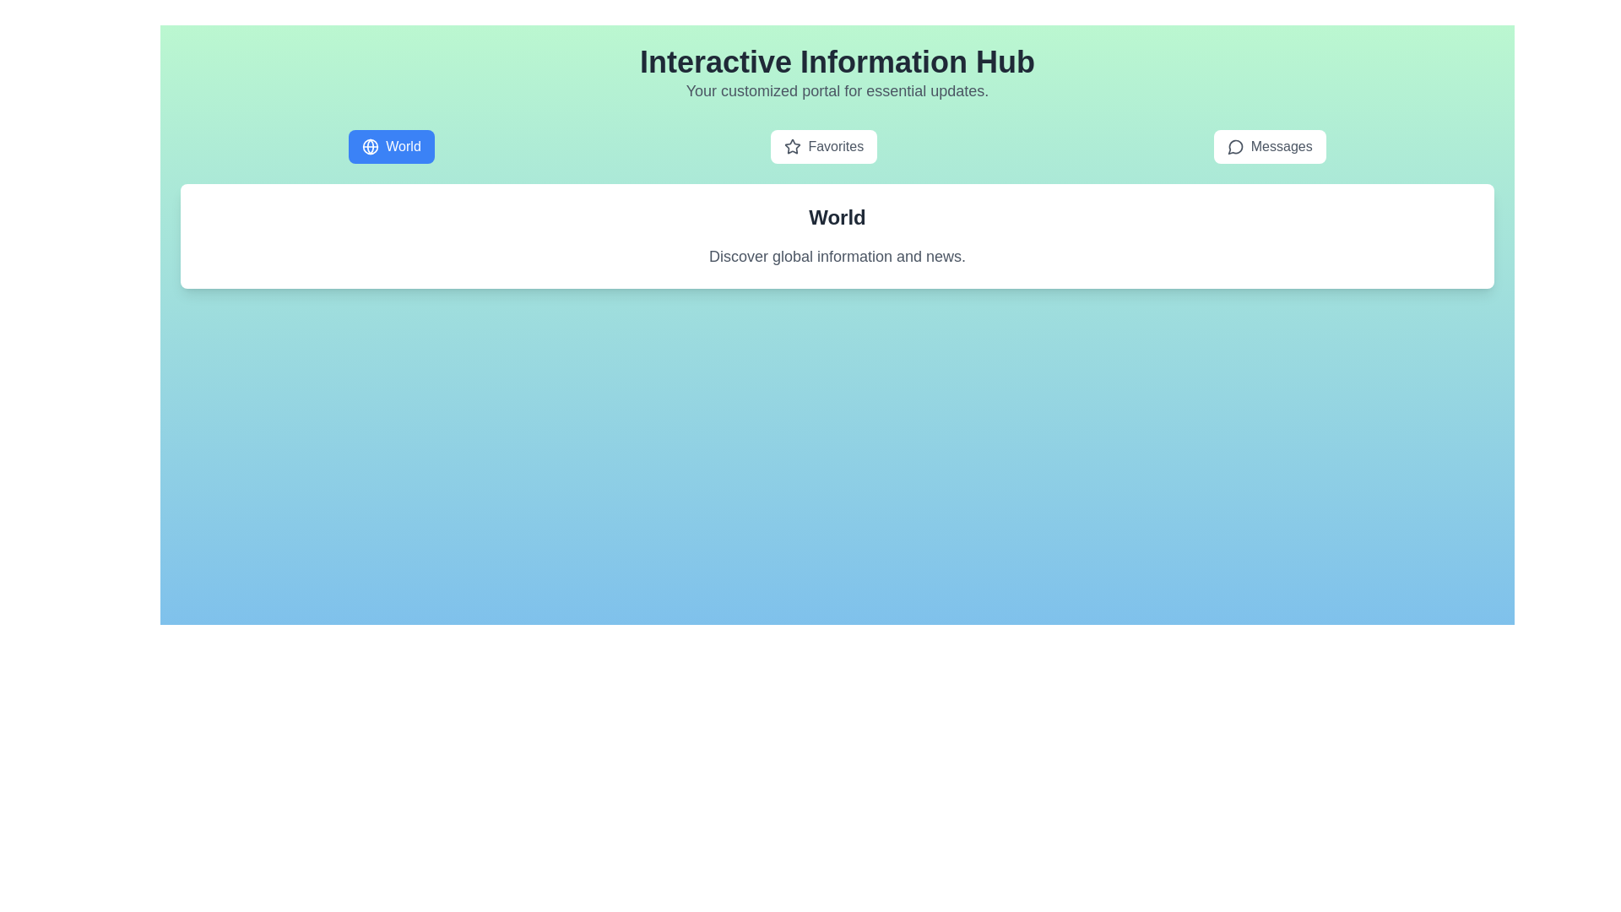  What do you see at coordinates (1269, 145) in the screenshot?
I see `the Messages tab to select it` at bounding box center [1269, 145].